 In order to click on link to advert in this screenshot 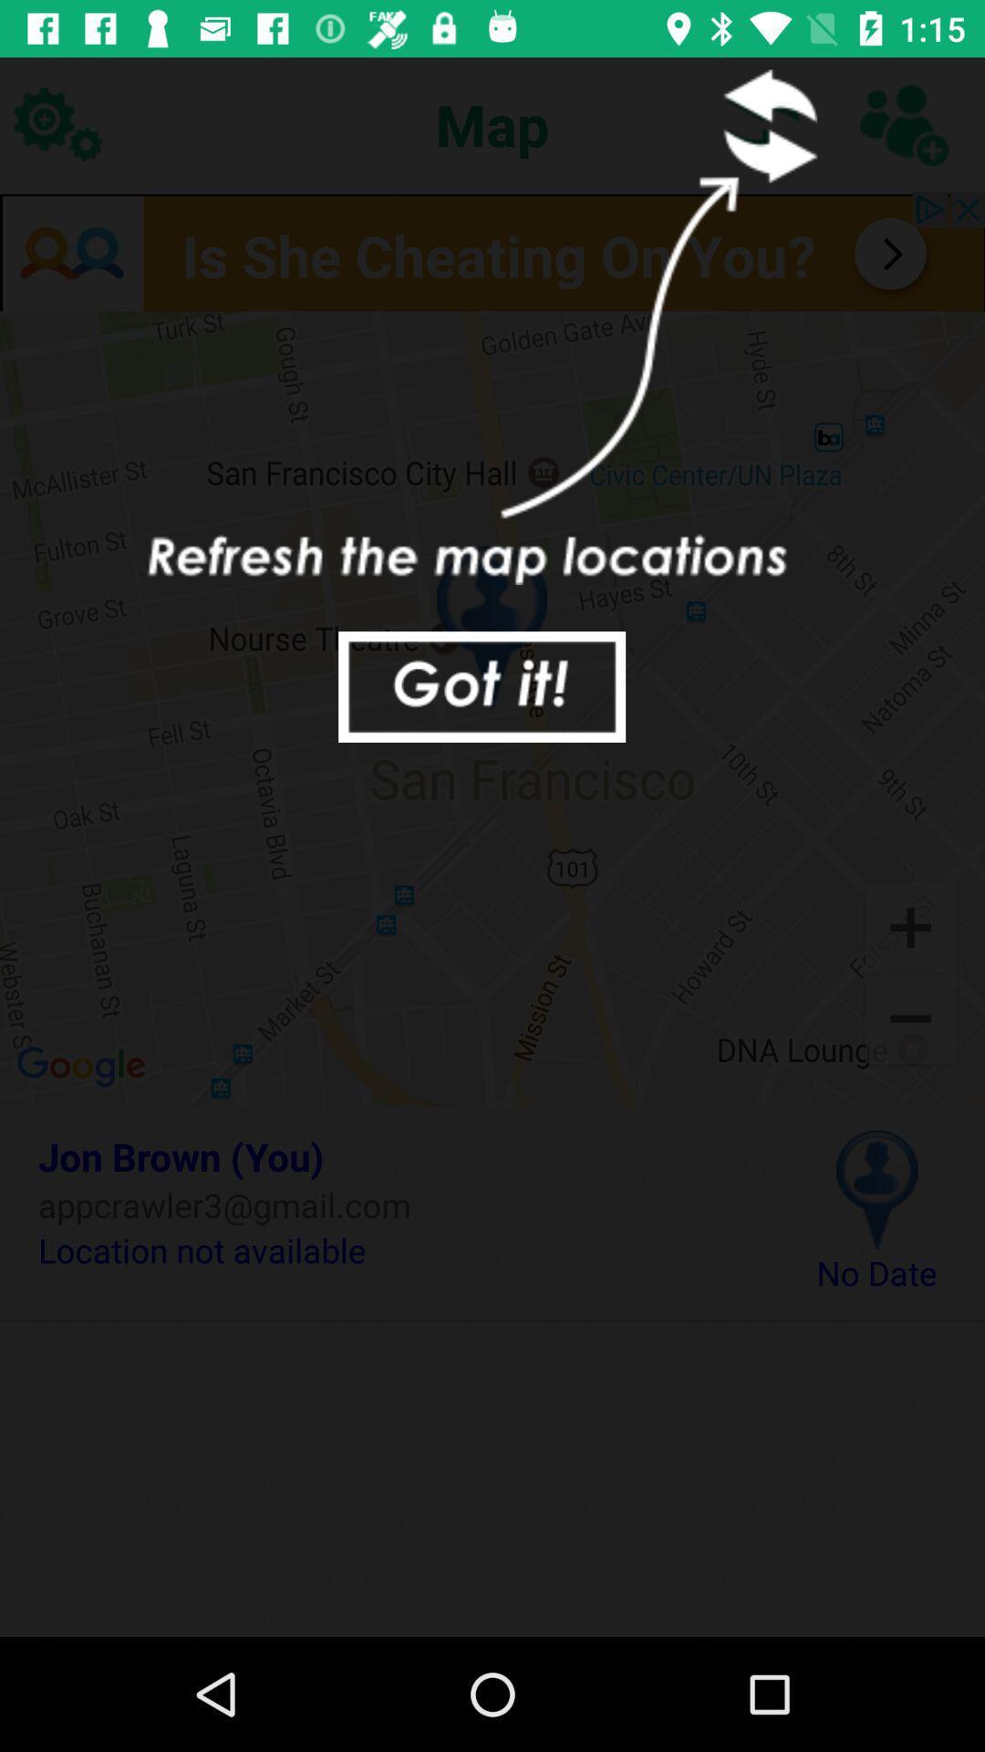, I will do `click(493, 250)`.